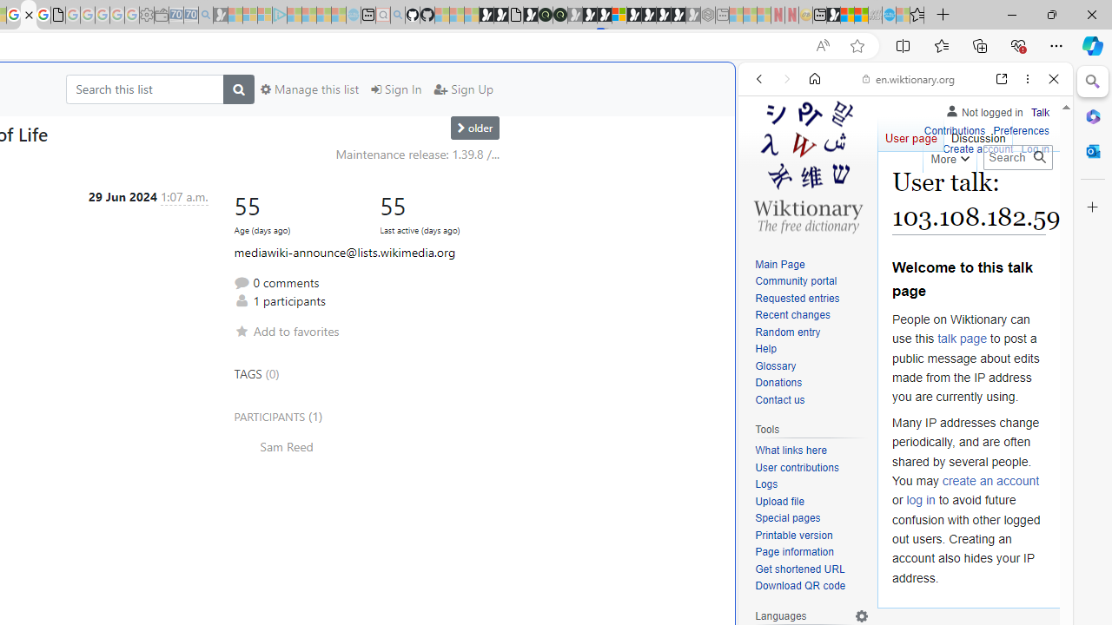  I want to click on 'Upload file', so click(778, 501).